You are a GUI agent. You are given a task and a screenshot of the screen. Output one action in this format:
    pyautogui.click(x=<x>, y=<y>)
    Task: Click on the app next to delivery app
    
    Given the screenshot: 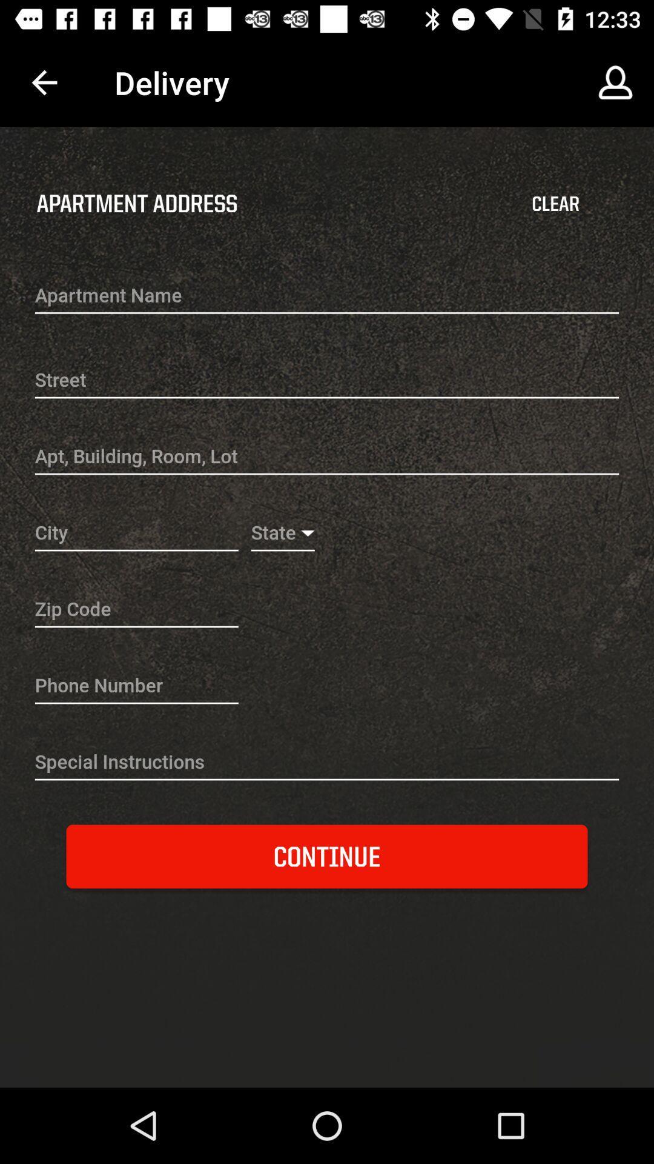 What is the action you would take?
    pyautogui.click(x=44, y=82)
    